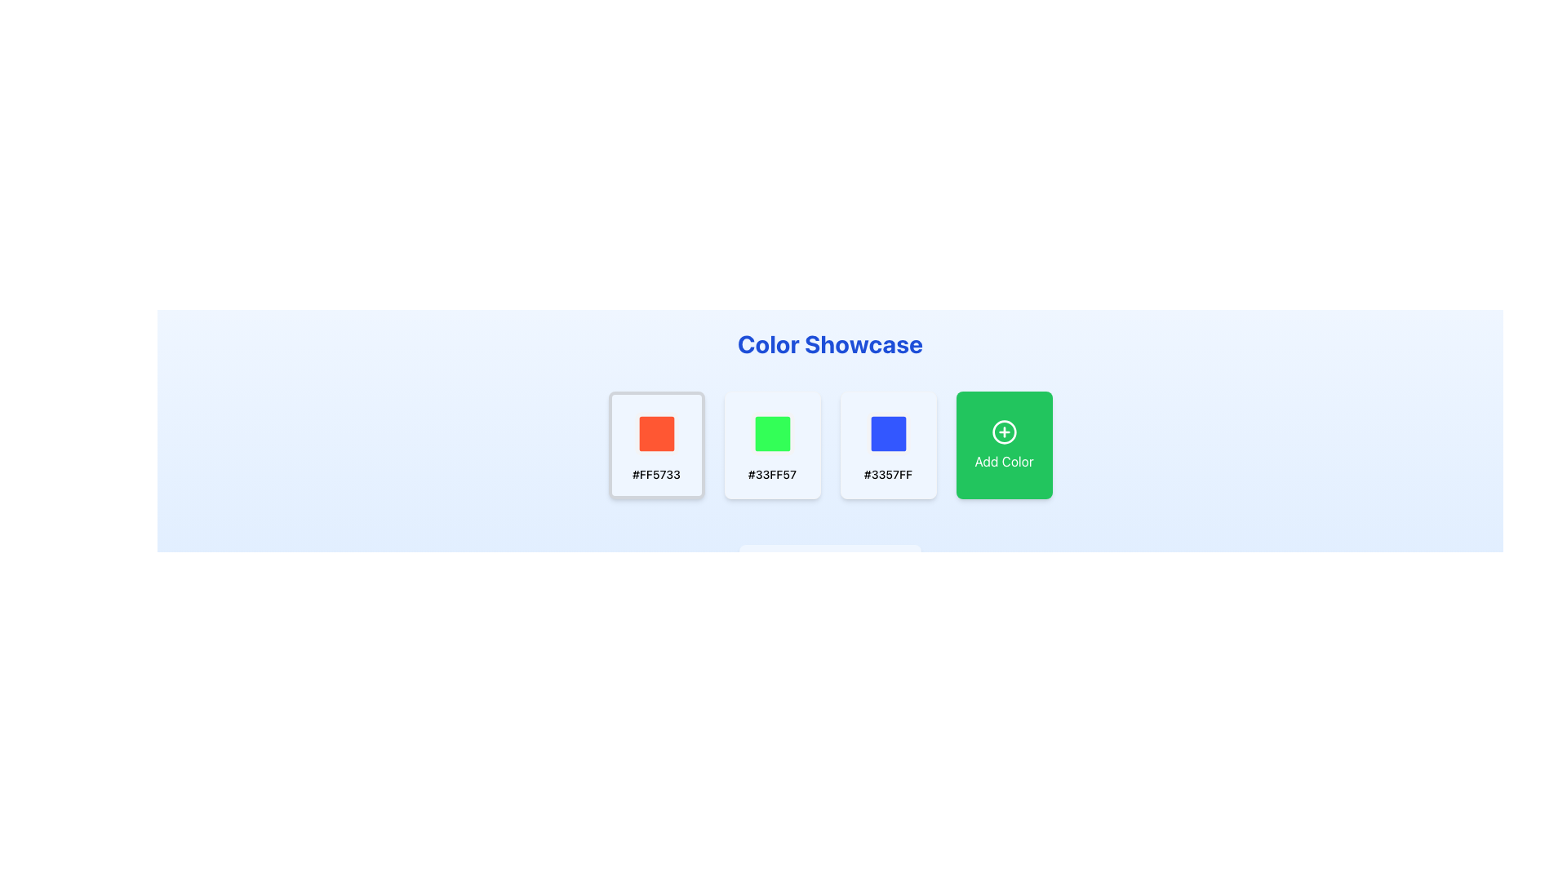 The width and height of the screenshot is (1567, 881). What do you see at coordinates (887, 433) in the screenshot?
I see `the central blue square color preview element representing the color '#3357FF'` at bounding box center [887, 433].